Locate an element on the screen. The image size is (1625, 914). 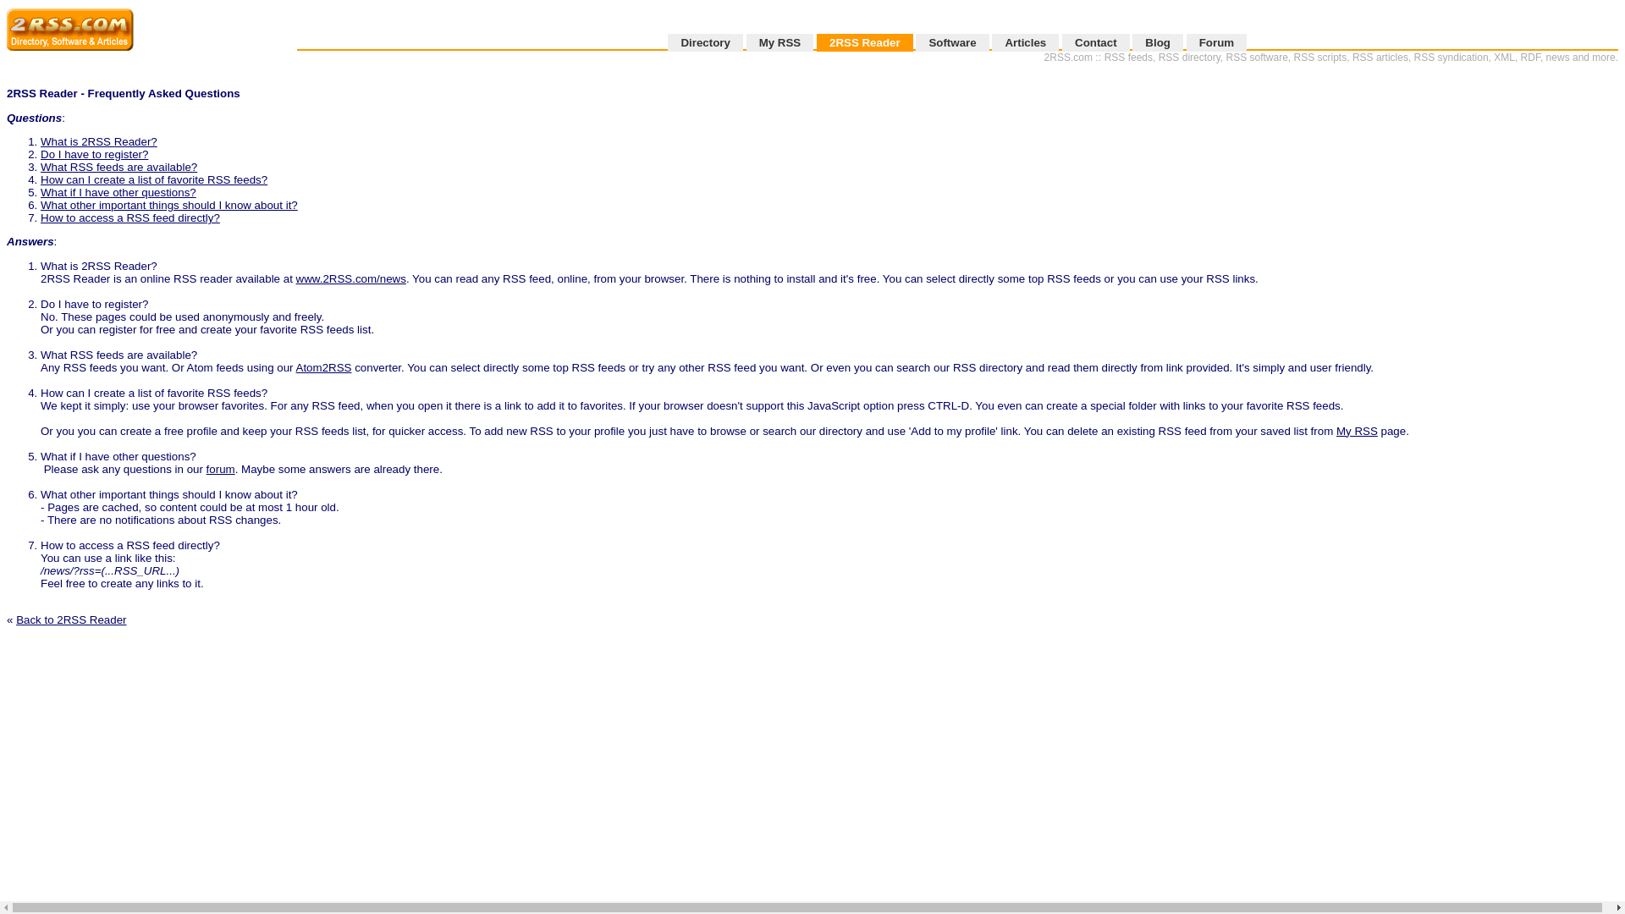
'Do I have to register?' is located at coordinates (41, 154).